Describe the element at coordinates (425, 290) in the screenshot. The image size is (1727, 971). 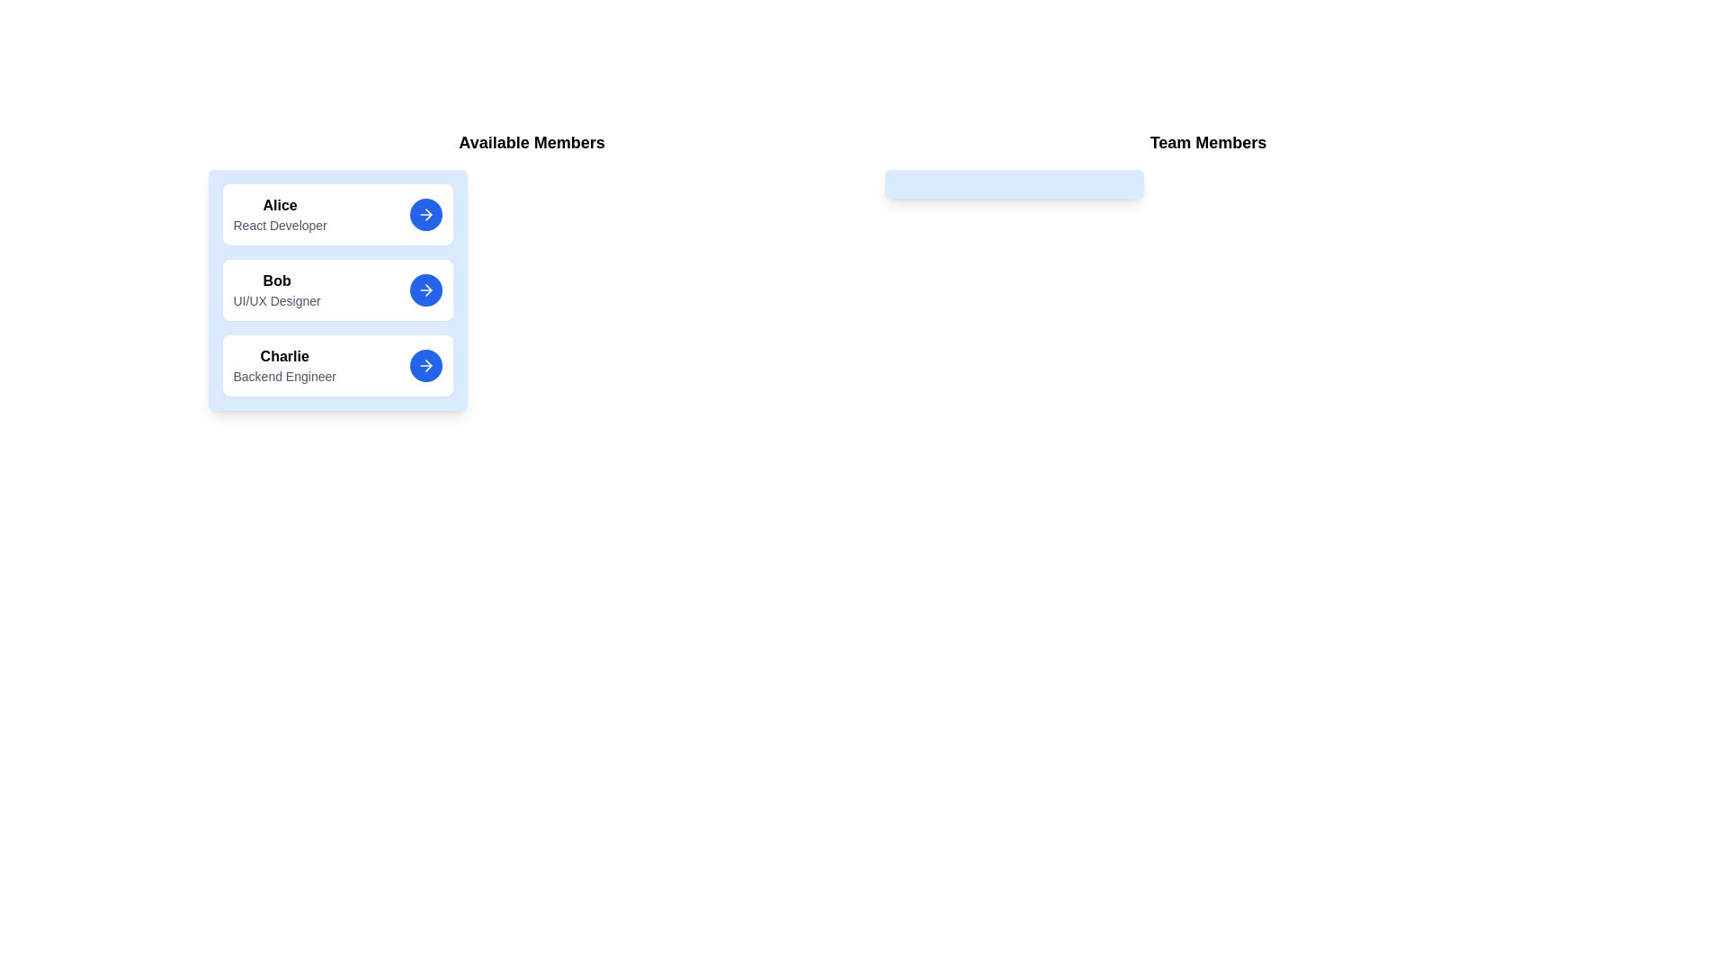
I see `arrow button next to Bob to move them to the team` at that location.